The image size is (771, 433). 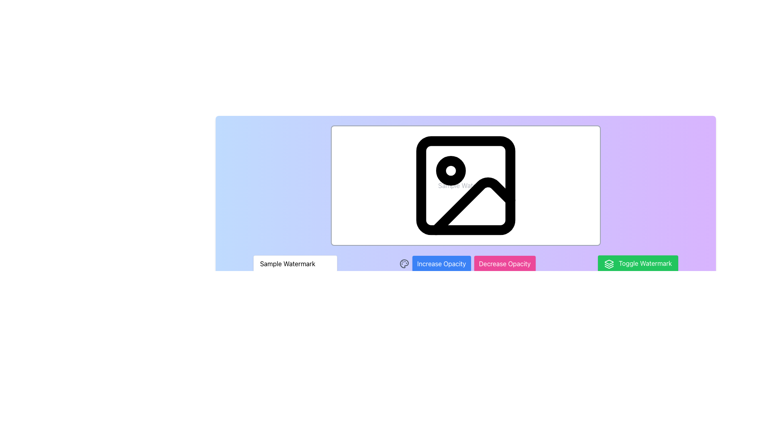 What do you see at coordinates (609, 264) in the screenshot?
I see `the button with a green background and rounded edges that contains the icon resembling stacked layers and the text 'Toggle Watermark'` at bounding box center [609, 264].